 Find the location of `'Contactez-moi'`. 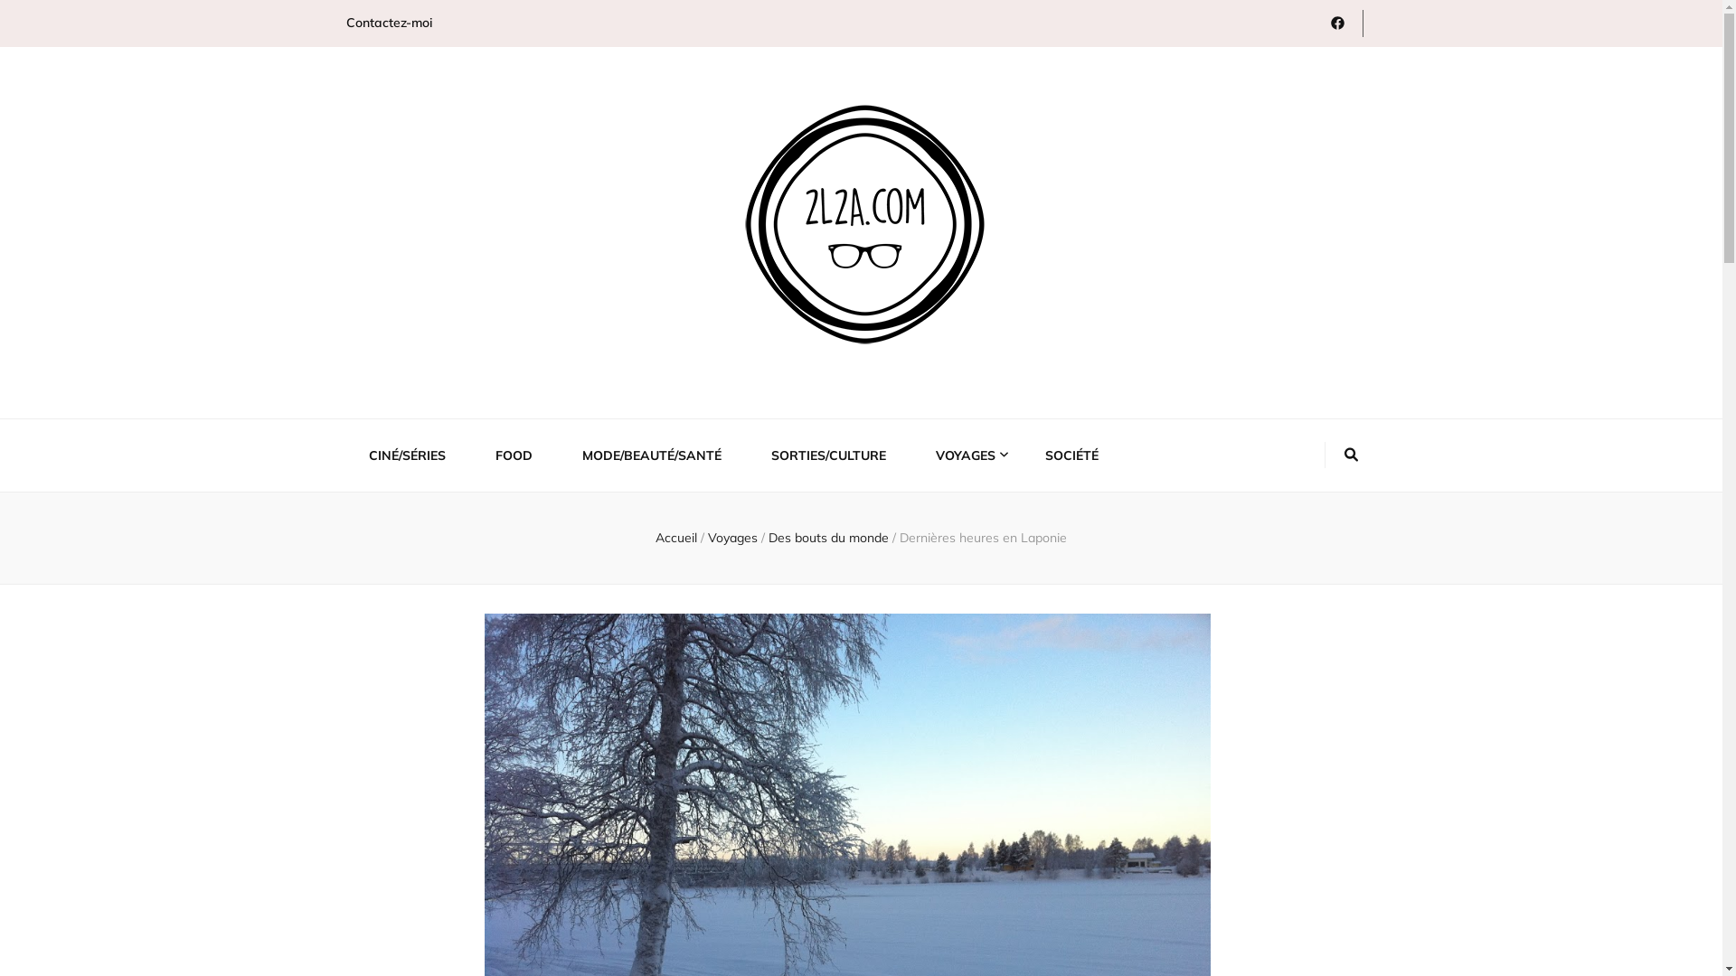

'Contactez-moi' is located at coordinates (387, 23).